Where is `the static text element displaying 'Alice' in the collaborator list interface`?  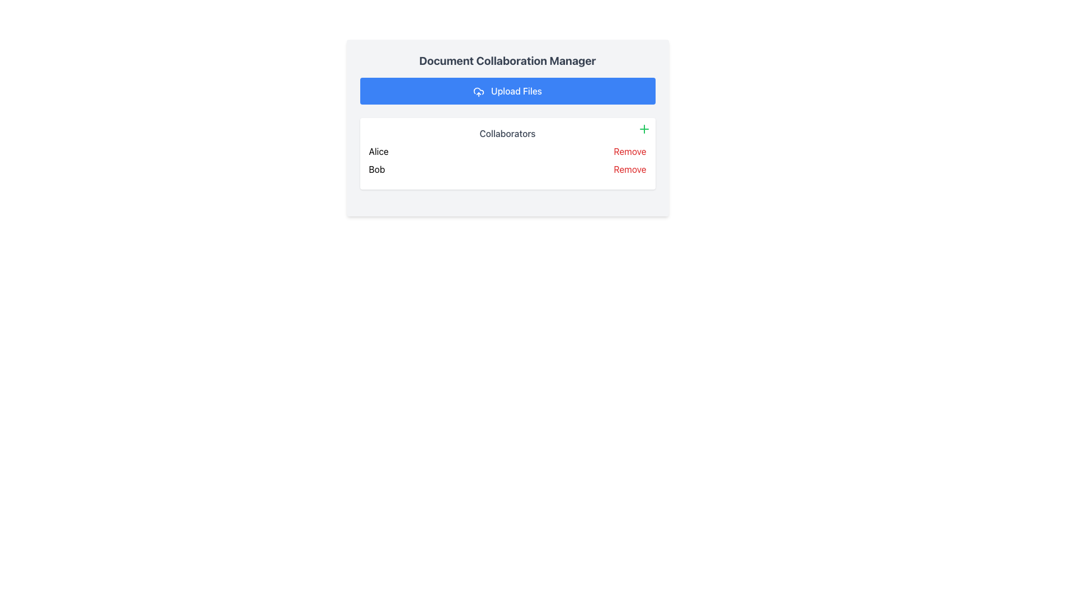
the static text element displaying 'Alice' in the collaborator list interface is located at coordinates (379, 151).